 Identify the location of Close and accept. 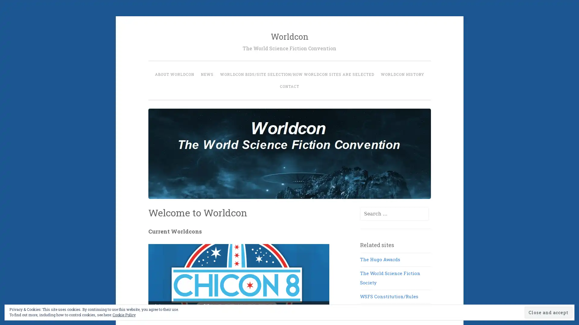
(549, 312).